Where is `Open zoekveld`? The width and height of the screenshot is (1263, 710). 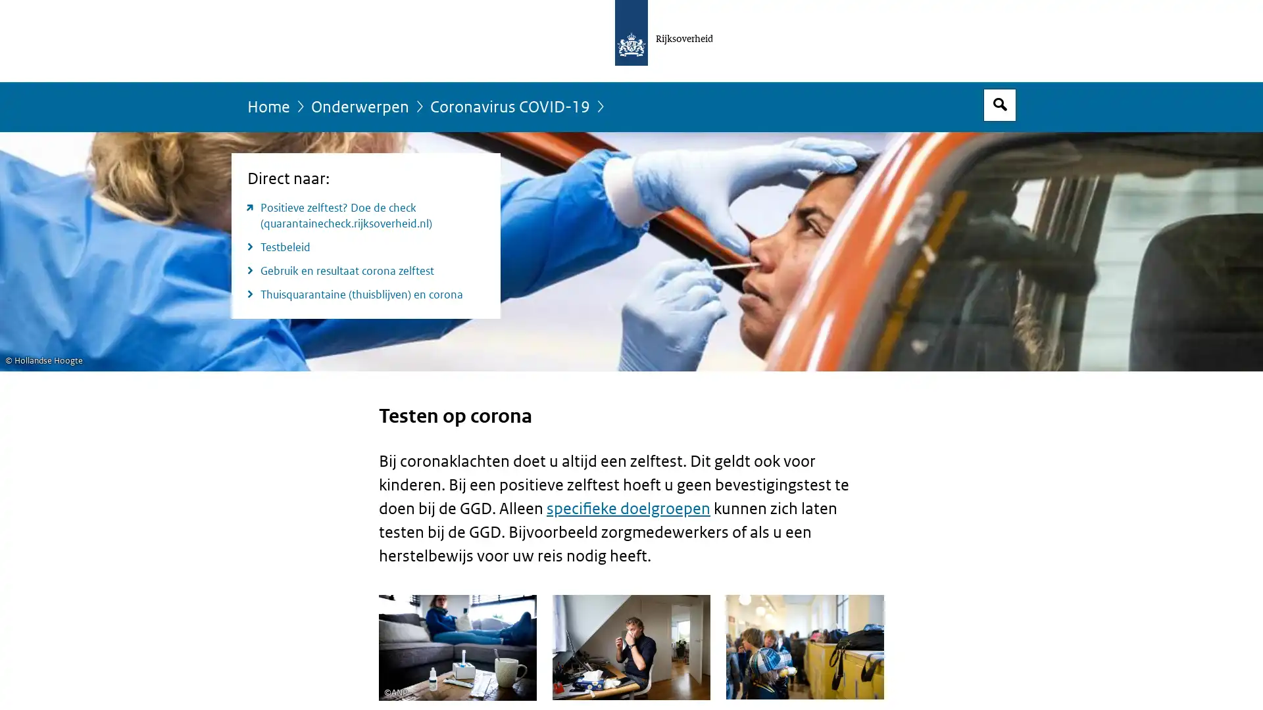
Open zoekveld is located at coordinates (1000, 104).